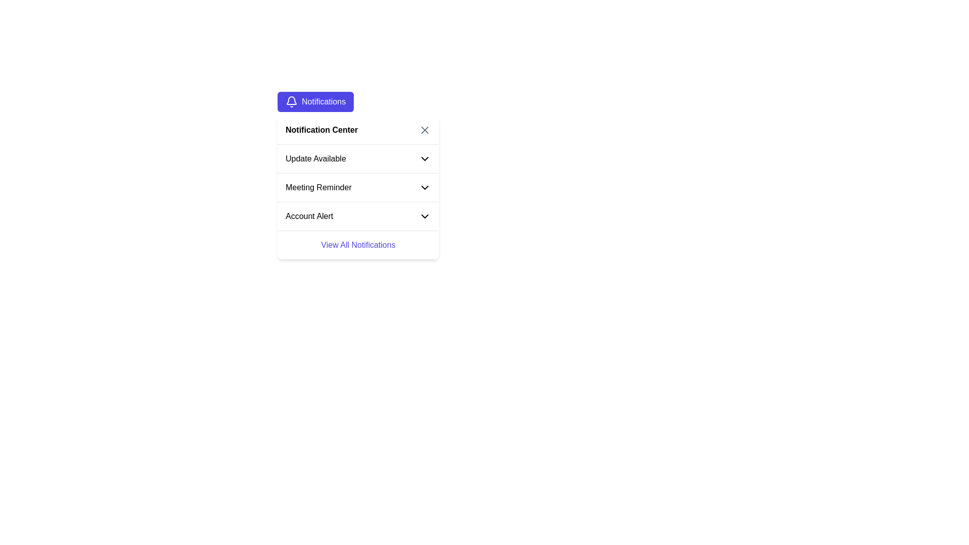  What do you see at coordinates (315, 159) in the screenshot?
I see `the 'Update Available' text label that is part of the first notification item, located between the 'Notification Center' heading and the 'Meeting Reminder' notification item` at bounding box center [315, 159].